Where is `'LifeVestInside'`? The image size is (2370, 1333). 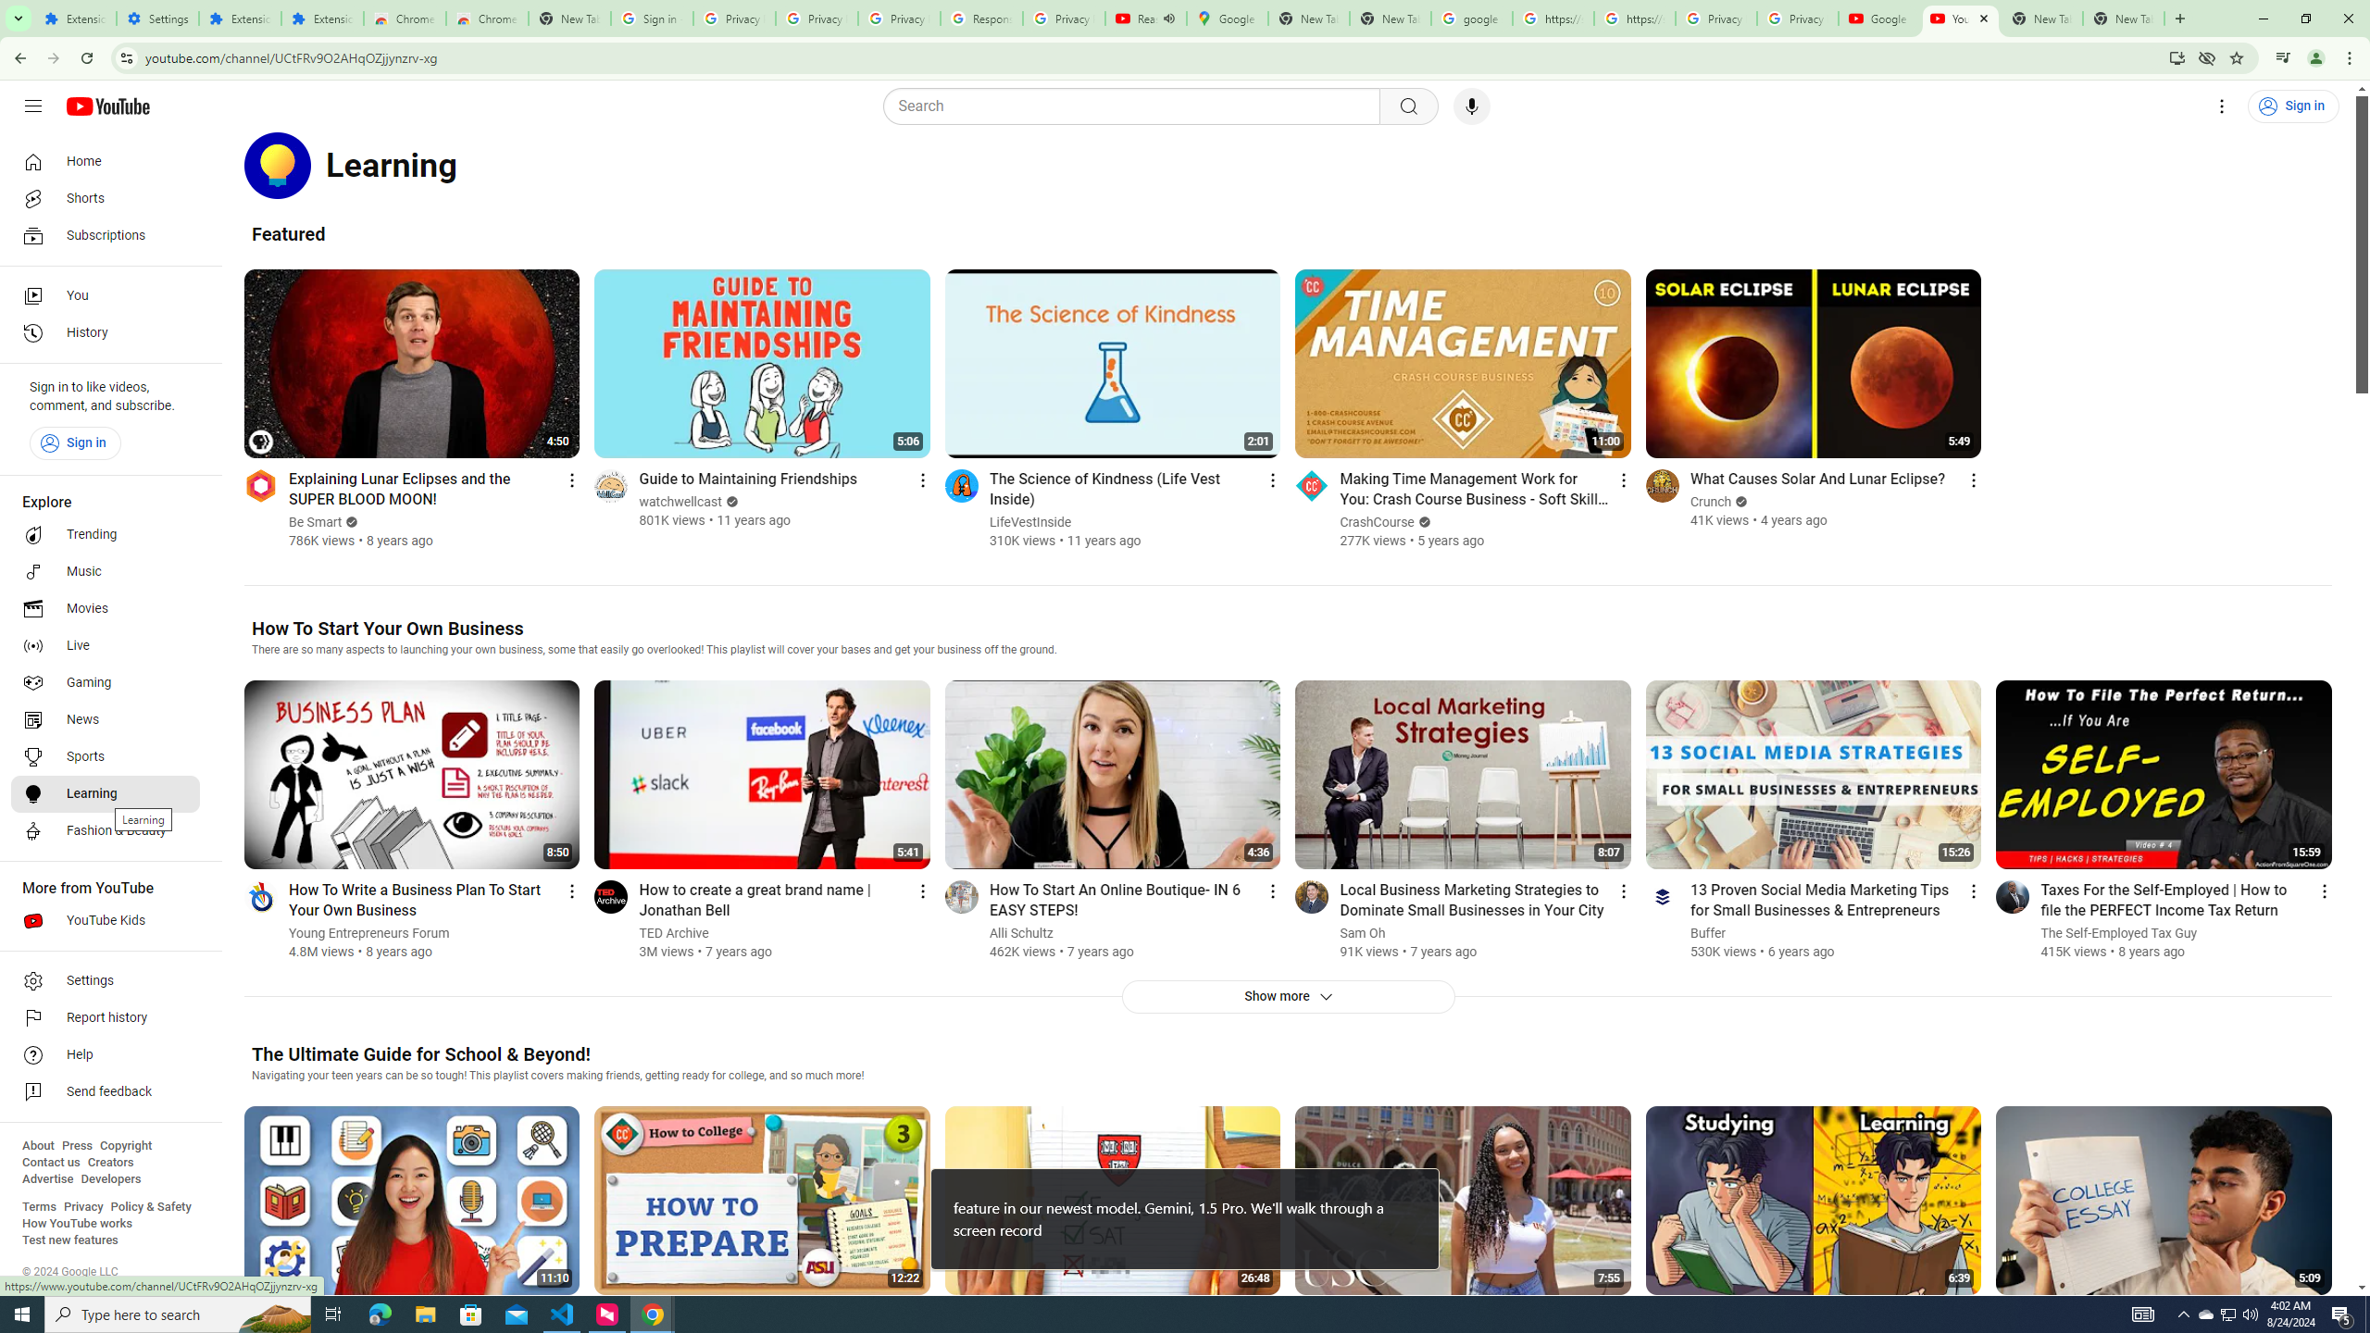 'LifeVestInside' is located at coordinates (1029, 521).